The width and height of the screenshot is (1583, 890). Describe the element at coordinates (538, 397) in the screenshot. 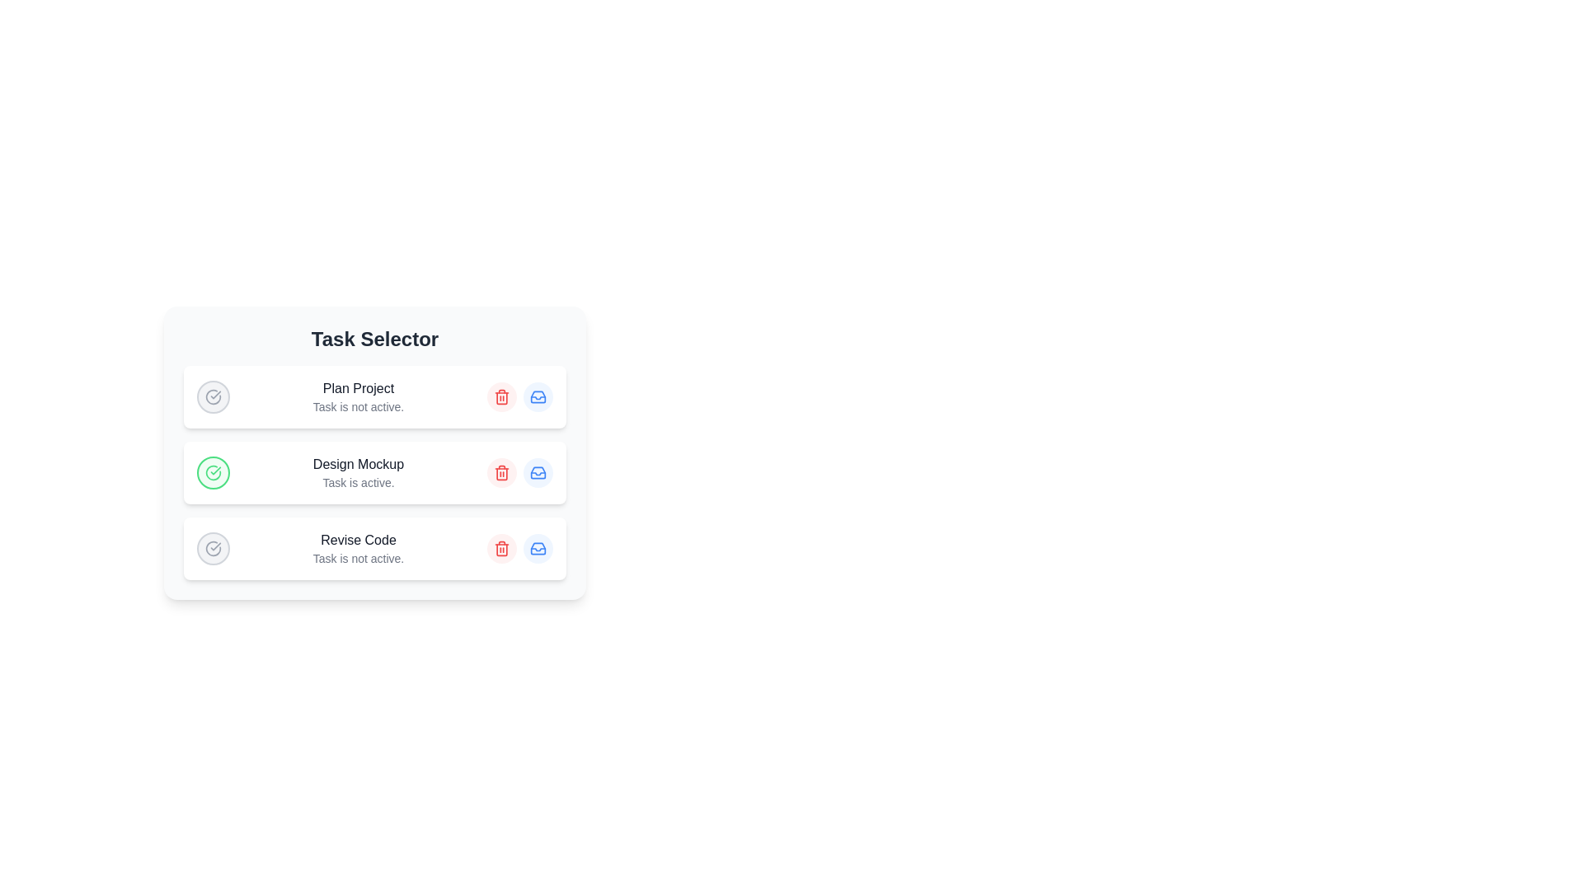

I see `the save button located to the right of the red circular trash button in the button row associated with the 'Plan Project' item` at that location.